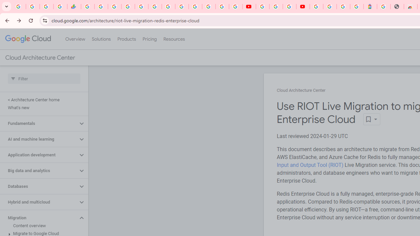 The width and height of the screenshot is (420, 236). Describe the element at coordinates (38, 187) in the screenshot. I see `'Databases'` at that location.